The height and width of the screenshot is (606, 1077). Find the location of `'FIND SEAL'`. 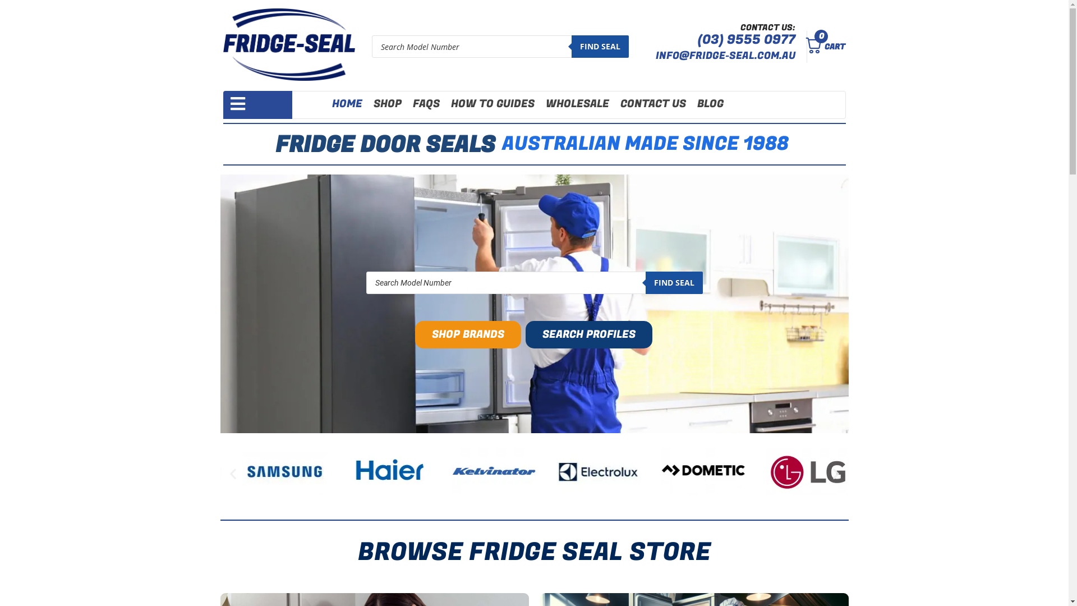

'FIND SEAL' is located at coordinates (600, 46).